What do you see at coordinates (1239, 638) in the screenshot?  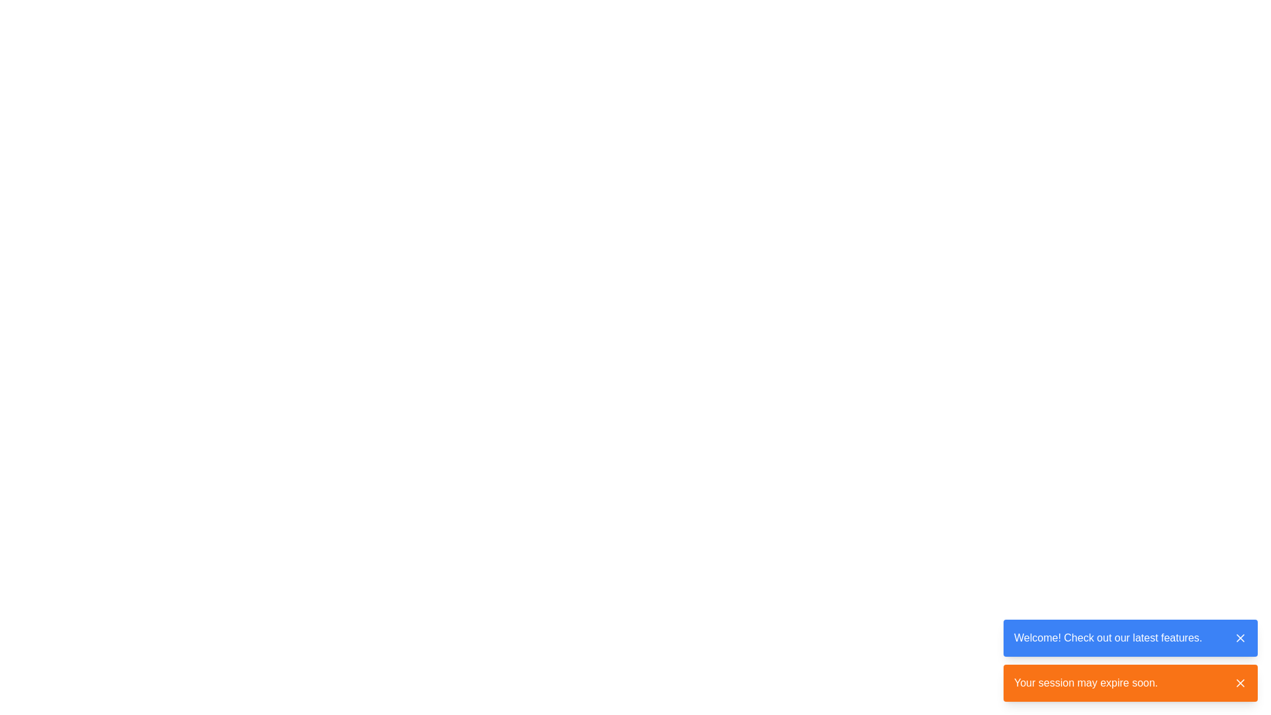 I see `the close icon located at the top-right corner of the blue notification banner with the message 'Welcome! Check out our latest features.'` at bounding box center [1239, 638].